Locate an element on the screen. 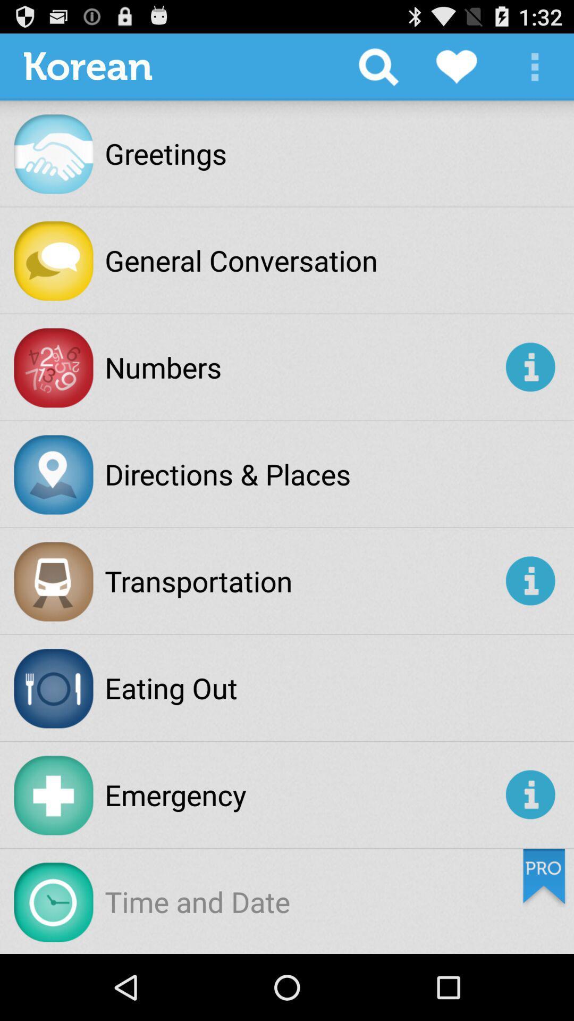  the eating out icon is located at coordinates (171, 688).